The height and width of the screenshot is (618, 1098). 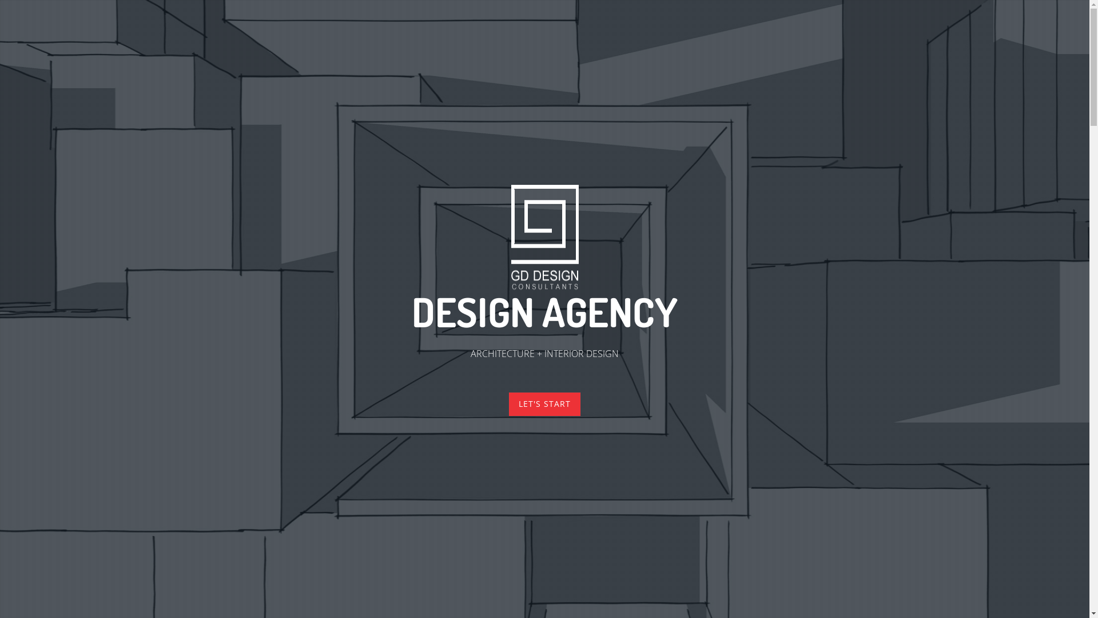 I want to click on 'LET'S START', so click(x=544, y=403).